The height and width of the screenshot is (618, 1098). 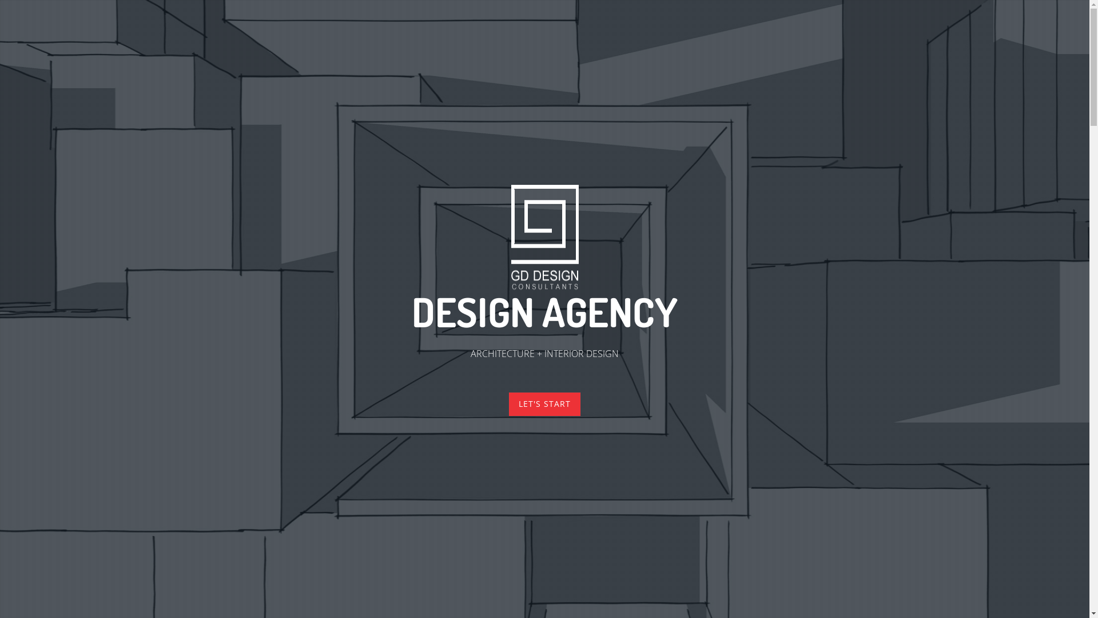 I want to click on 'LET'S START', so click(x=544, y=403).